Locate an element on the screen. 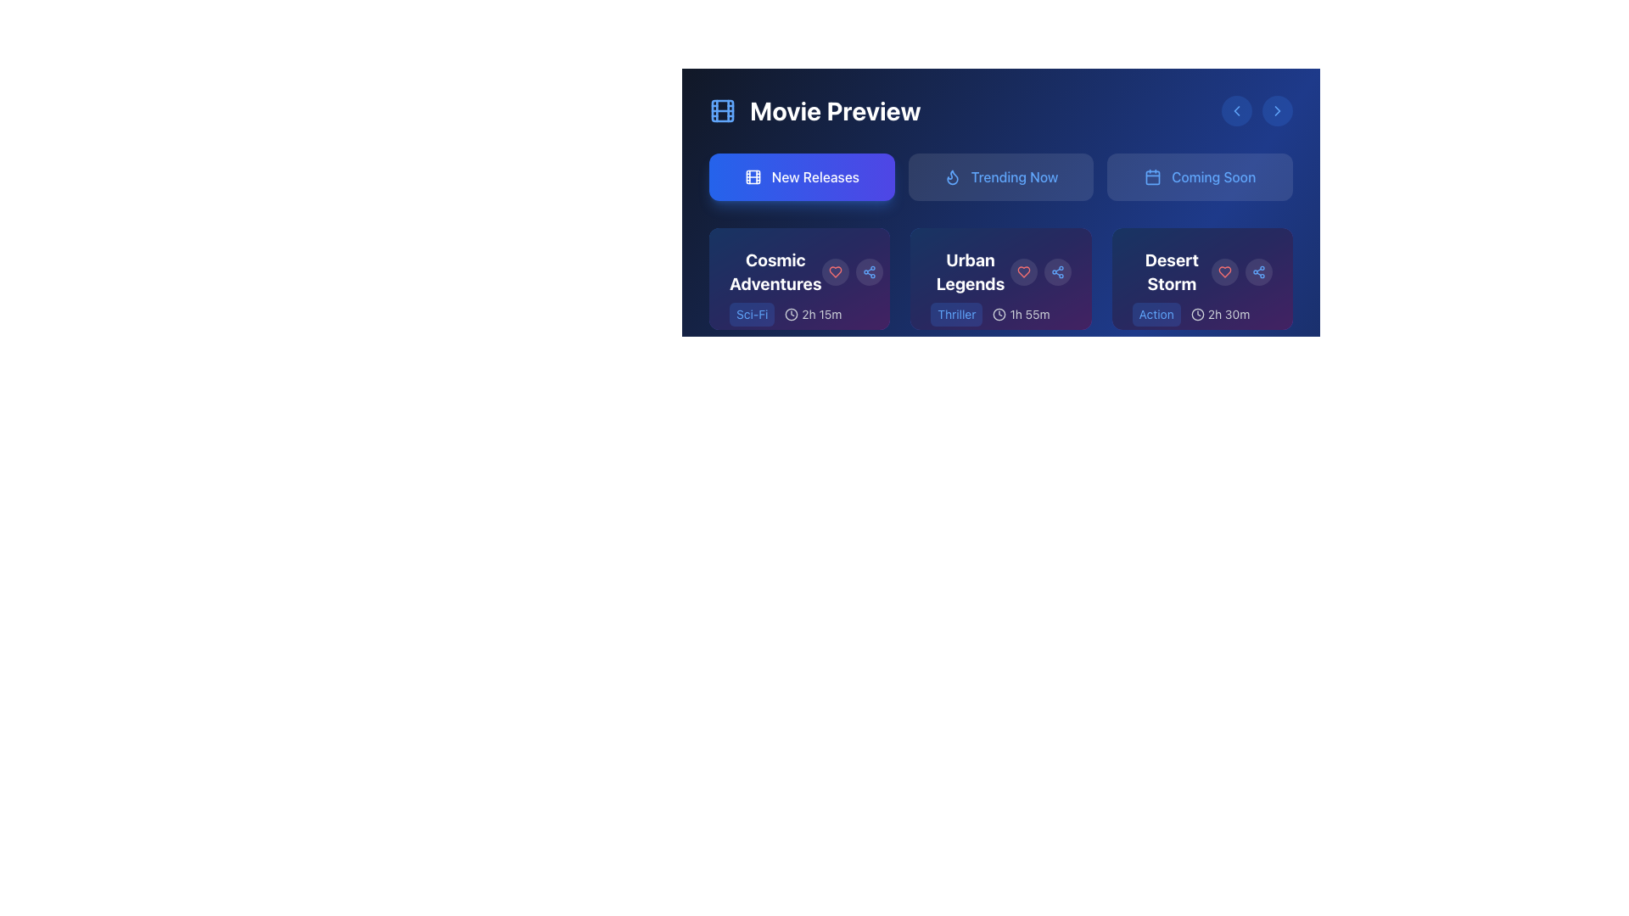  the share icon button, which is a small SVG icon resembling a share symbol with three circles connected by lines, located at the top-right corner of the 'Urban Legends' card is located at coordinates (1258, 271).